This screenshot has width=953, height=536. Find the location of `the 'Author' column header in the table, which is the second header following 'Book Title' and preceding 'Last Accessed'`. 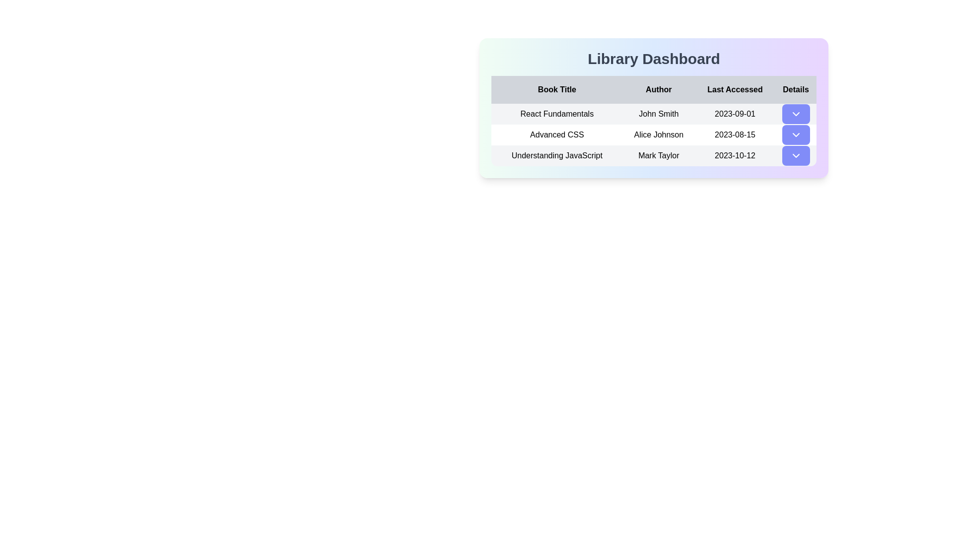

the 'Author' column header in the table, which is the second header following 'Book Title' and preceding 'Last Accessed' is located at coordinates (659, 90).